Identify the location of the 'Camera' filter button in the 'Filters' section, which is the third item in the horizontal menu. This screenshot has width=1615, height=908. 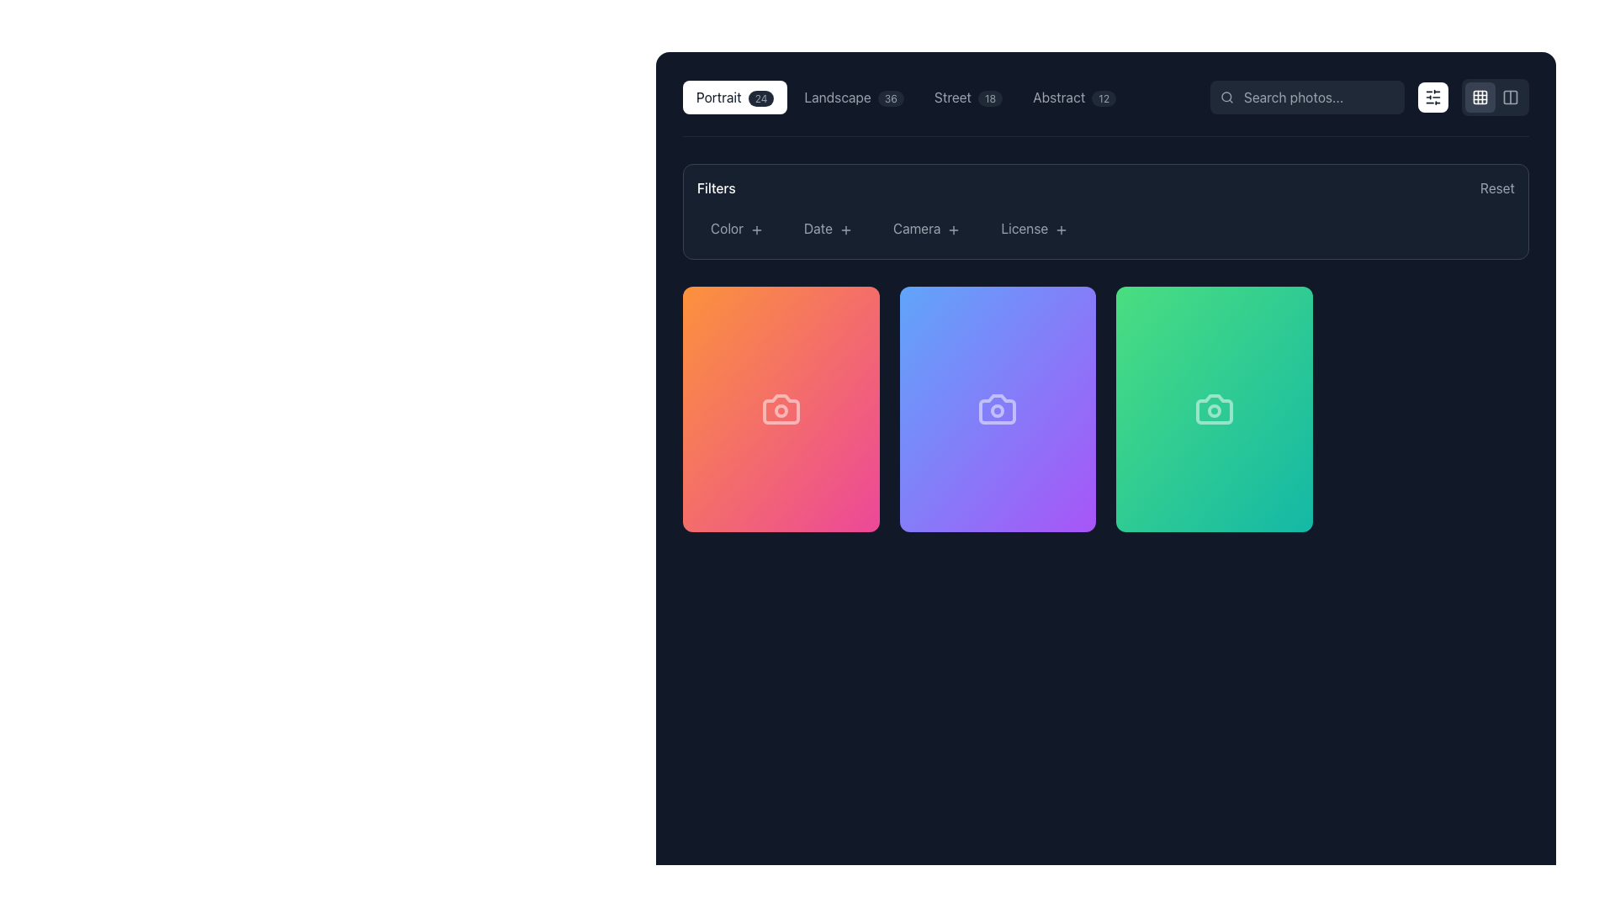
(926, 229).